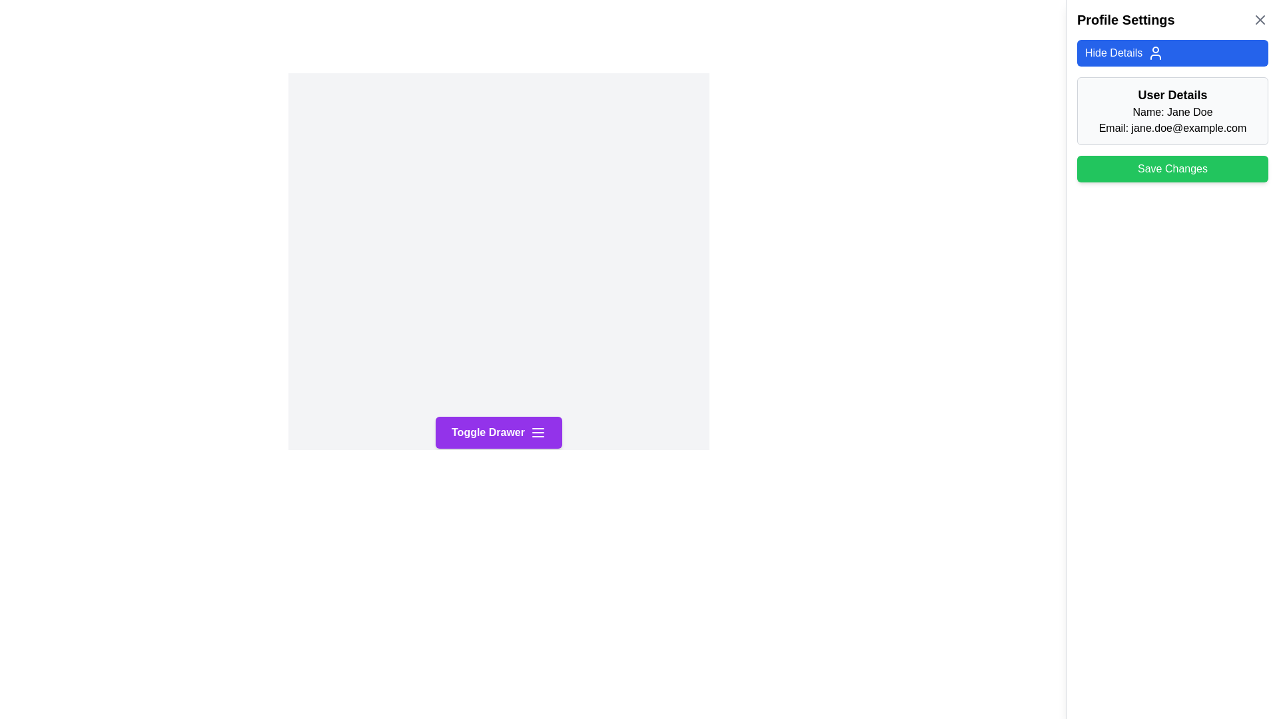  What do you see at coordinates (498, 433) in the screenshot?
I see `the button with rounded corners, purple background, and white bold text 'Toggle Drawer'` at bounding box center [498, 433].